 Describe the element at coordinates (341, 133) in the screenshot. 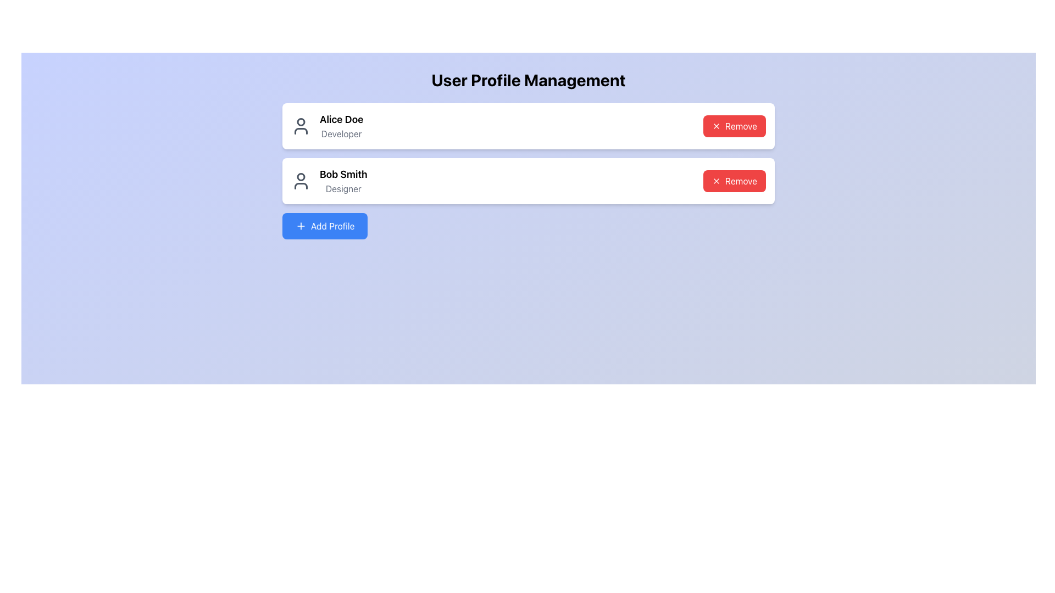

I see `the text label indicating the occupation of the user 'Alice Doe', which is positioned below her name in the profile card` at that location.